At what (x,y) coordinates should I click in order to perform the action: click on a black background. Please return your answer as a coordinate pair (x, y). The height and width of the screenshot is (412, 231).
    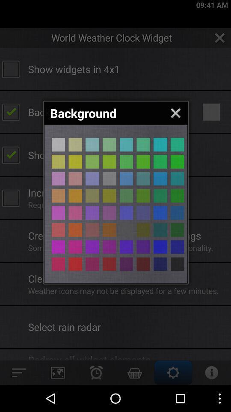
    Looking at the image, I should click on (160, 212).